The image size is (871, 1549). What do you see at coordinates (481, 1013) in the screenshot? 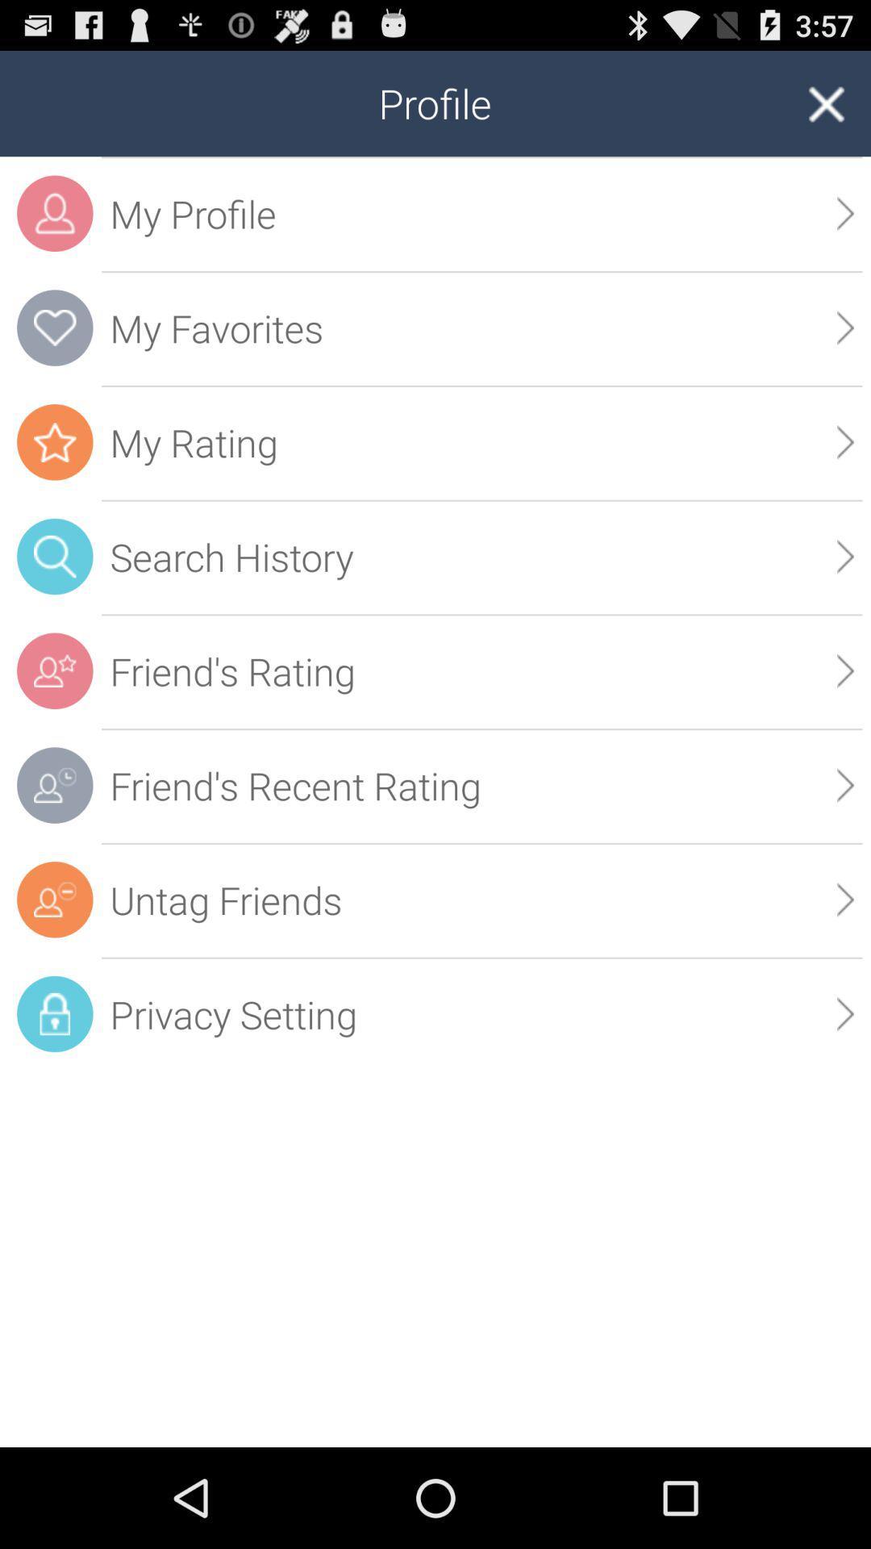
I see `icon below the untag friends app` at bounding box center [481, 1013].